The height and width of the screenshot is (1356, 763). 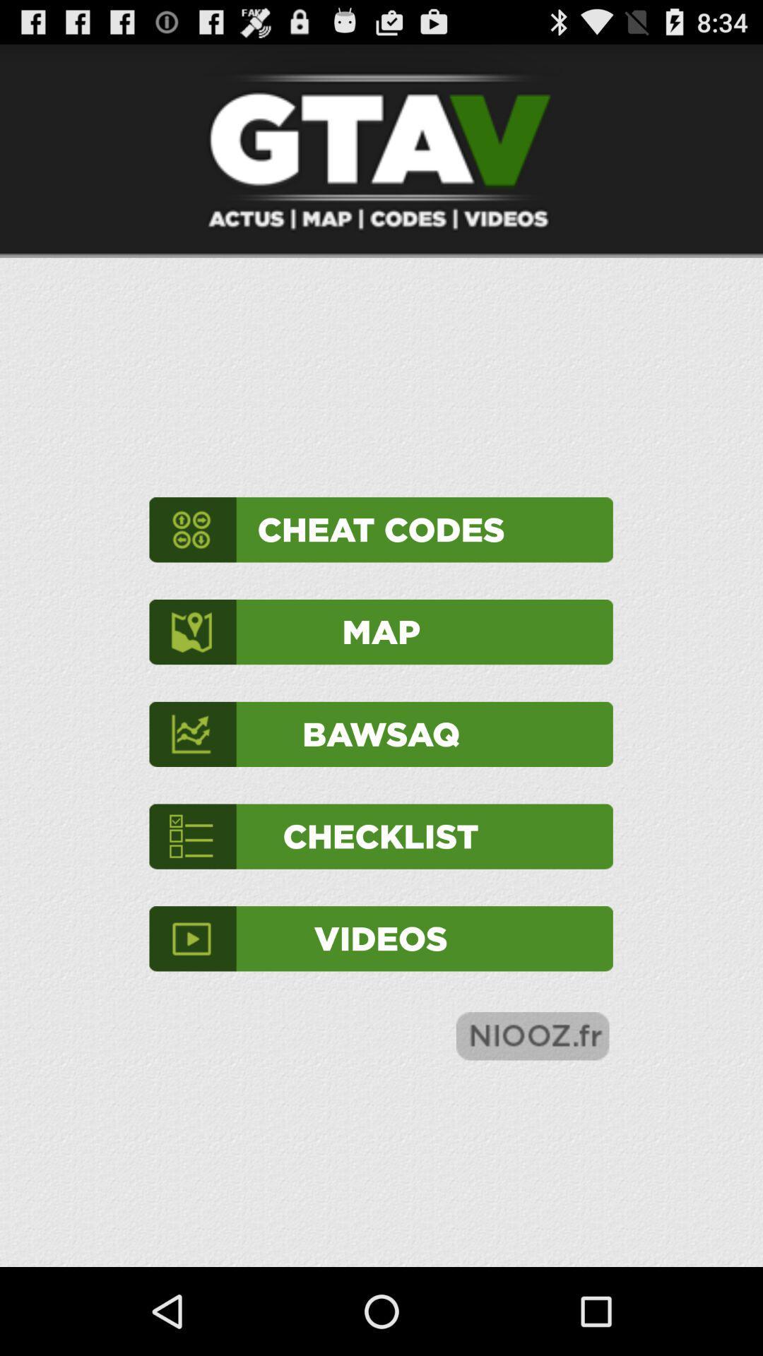 What do you see at coordinates (533, 1036) in the screenshot?
I see `the item at the bottom right corner` at bounding box center [533, 1036].